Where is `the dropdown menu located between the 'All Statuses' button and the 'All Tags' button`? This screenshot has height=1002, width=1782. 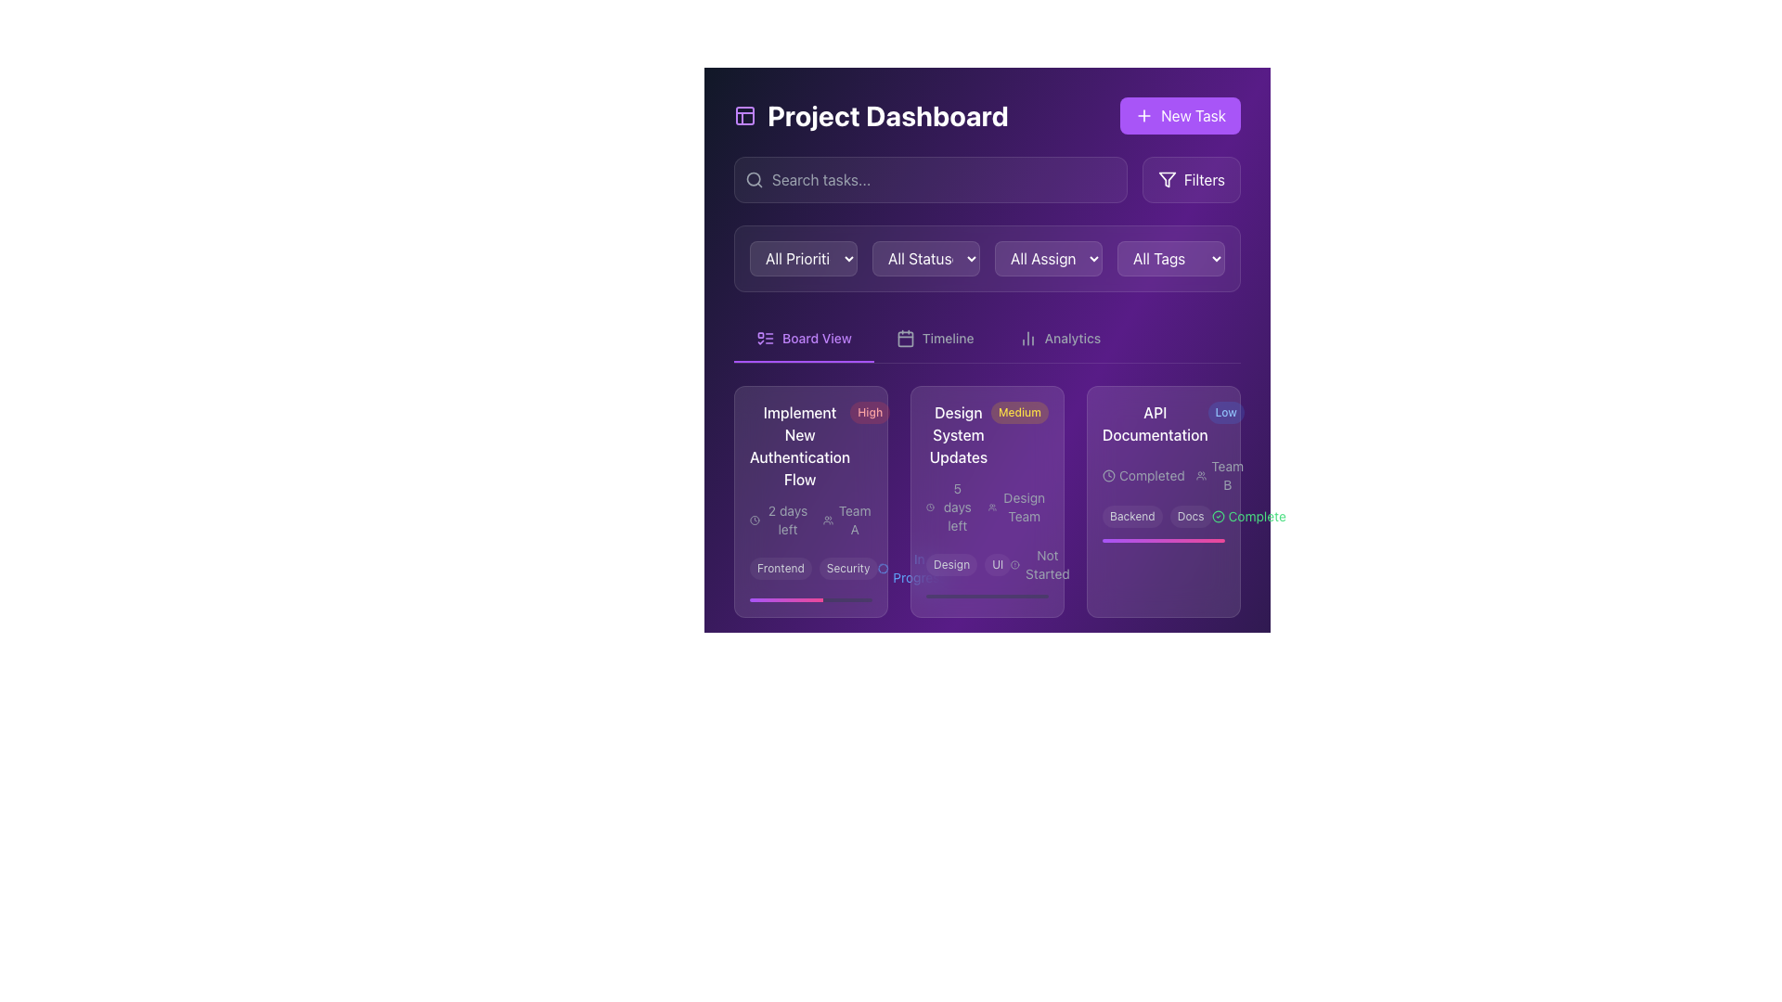
the dropdown menu located between the 'All Statuses' button and the 'All Tags' button is located at coordinates (1048, 258).